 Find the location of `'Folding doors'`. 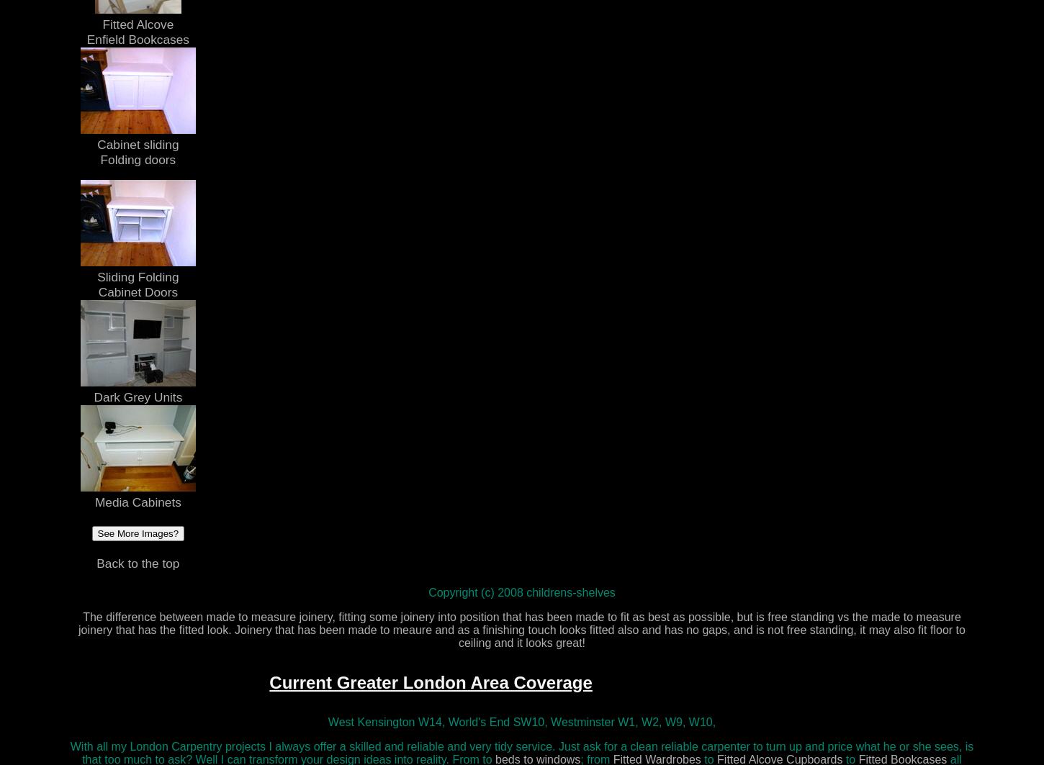

'Folding doors' is located at coordinates (99, 158).